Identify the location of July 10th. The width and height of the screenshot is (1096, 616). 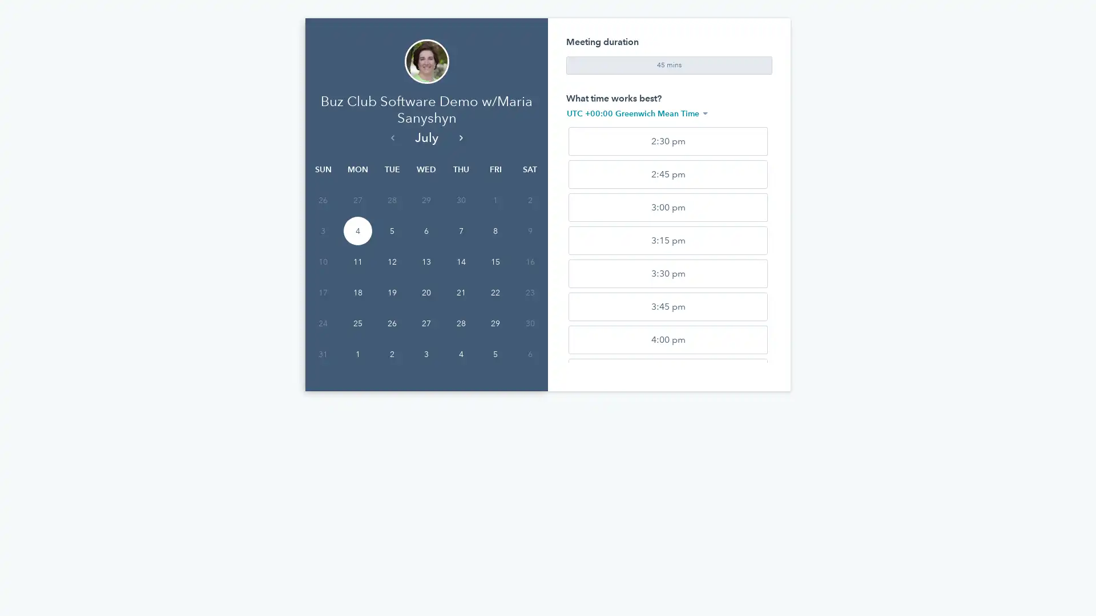
(323, 305).